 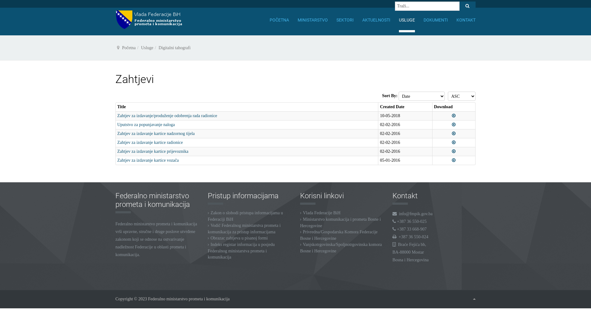 I want to click on 'Vi ste ovdje: ', so click(x=117, y=47).